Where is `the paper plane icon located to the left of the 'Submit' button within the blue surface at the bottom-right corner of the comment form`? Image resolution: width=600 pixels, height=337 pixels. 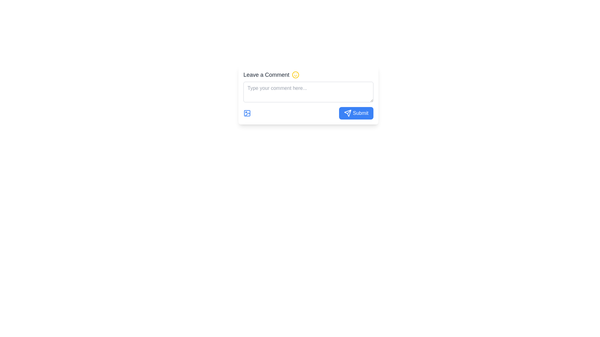 the paper plane icon located to the left of the 'Submit' button within the blue surface at the bottom-right corner of the comment form is located at coordinates (347, 113).